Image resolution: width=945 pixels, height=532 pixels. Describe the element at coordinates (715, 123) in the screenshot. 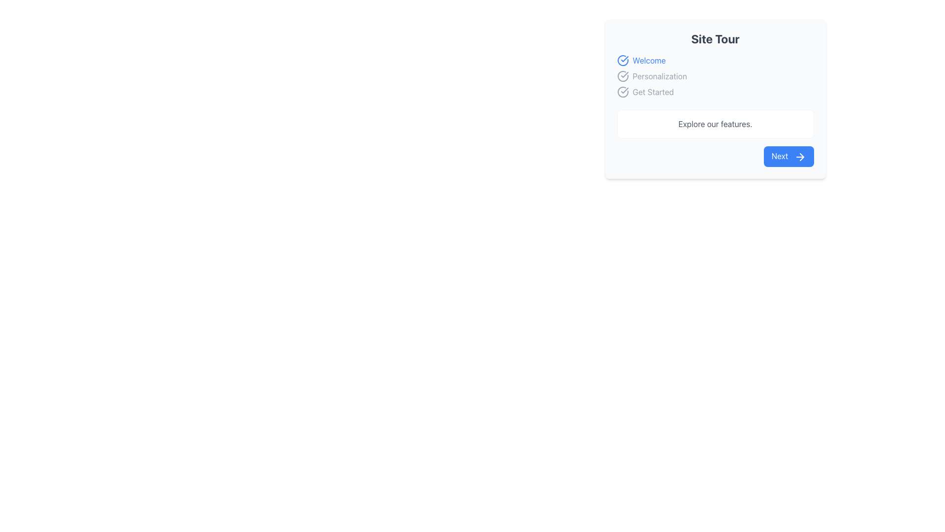

I see `the static informational text box located below the checklist items ('Welcome', 'Personalization', and 'Get Started') and above the 'Next' button in the 'Site Tour' section` at that location.